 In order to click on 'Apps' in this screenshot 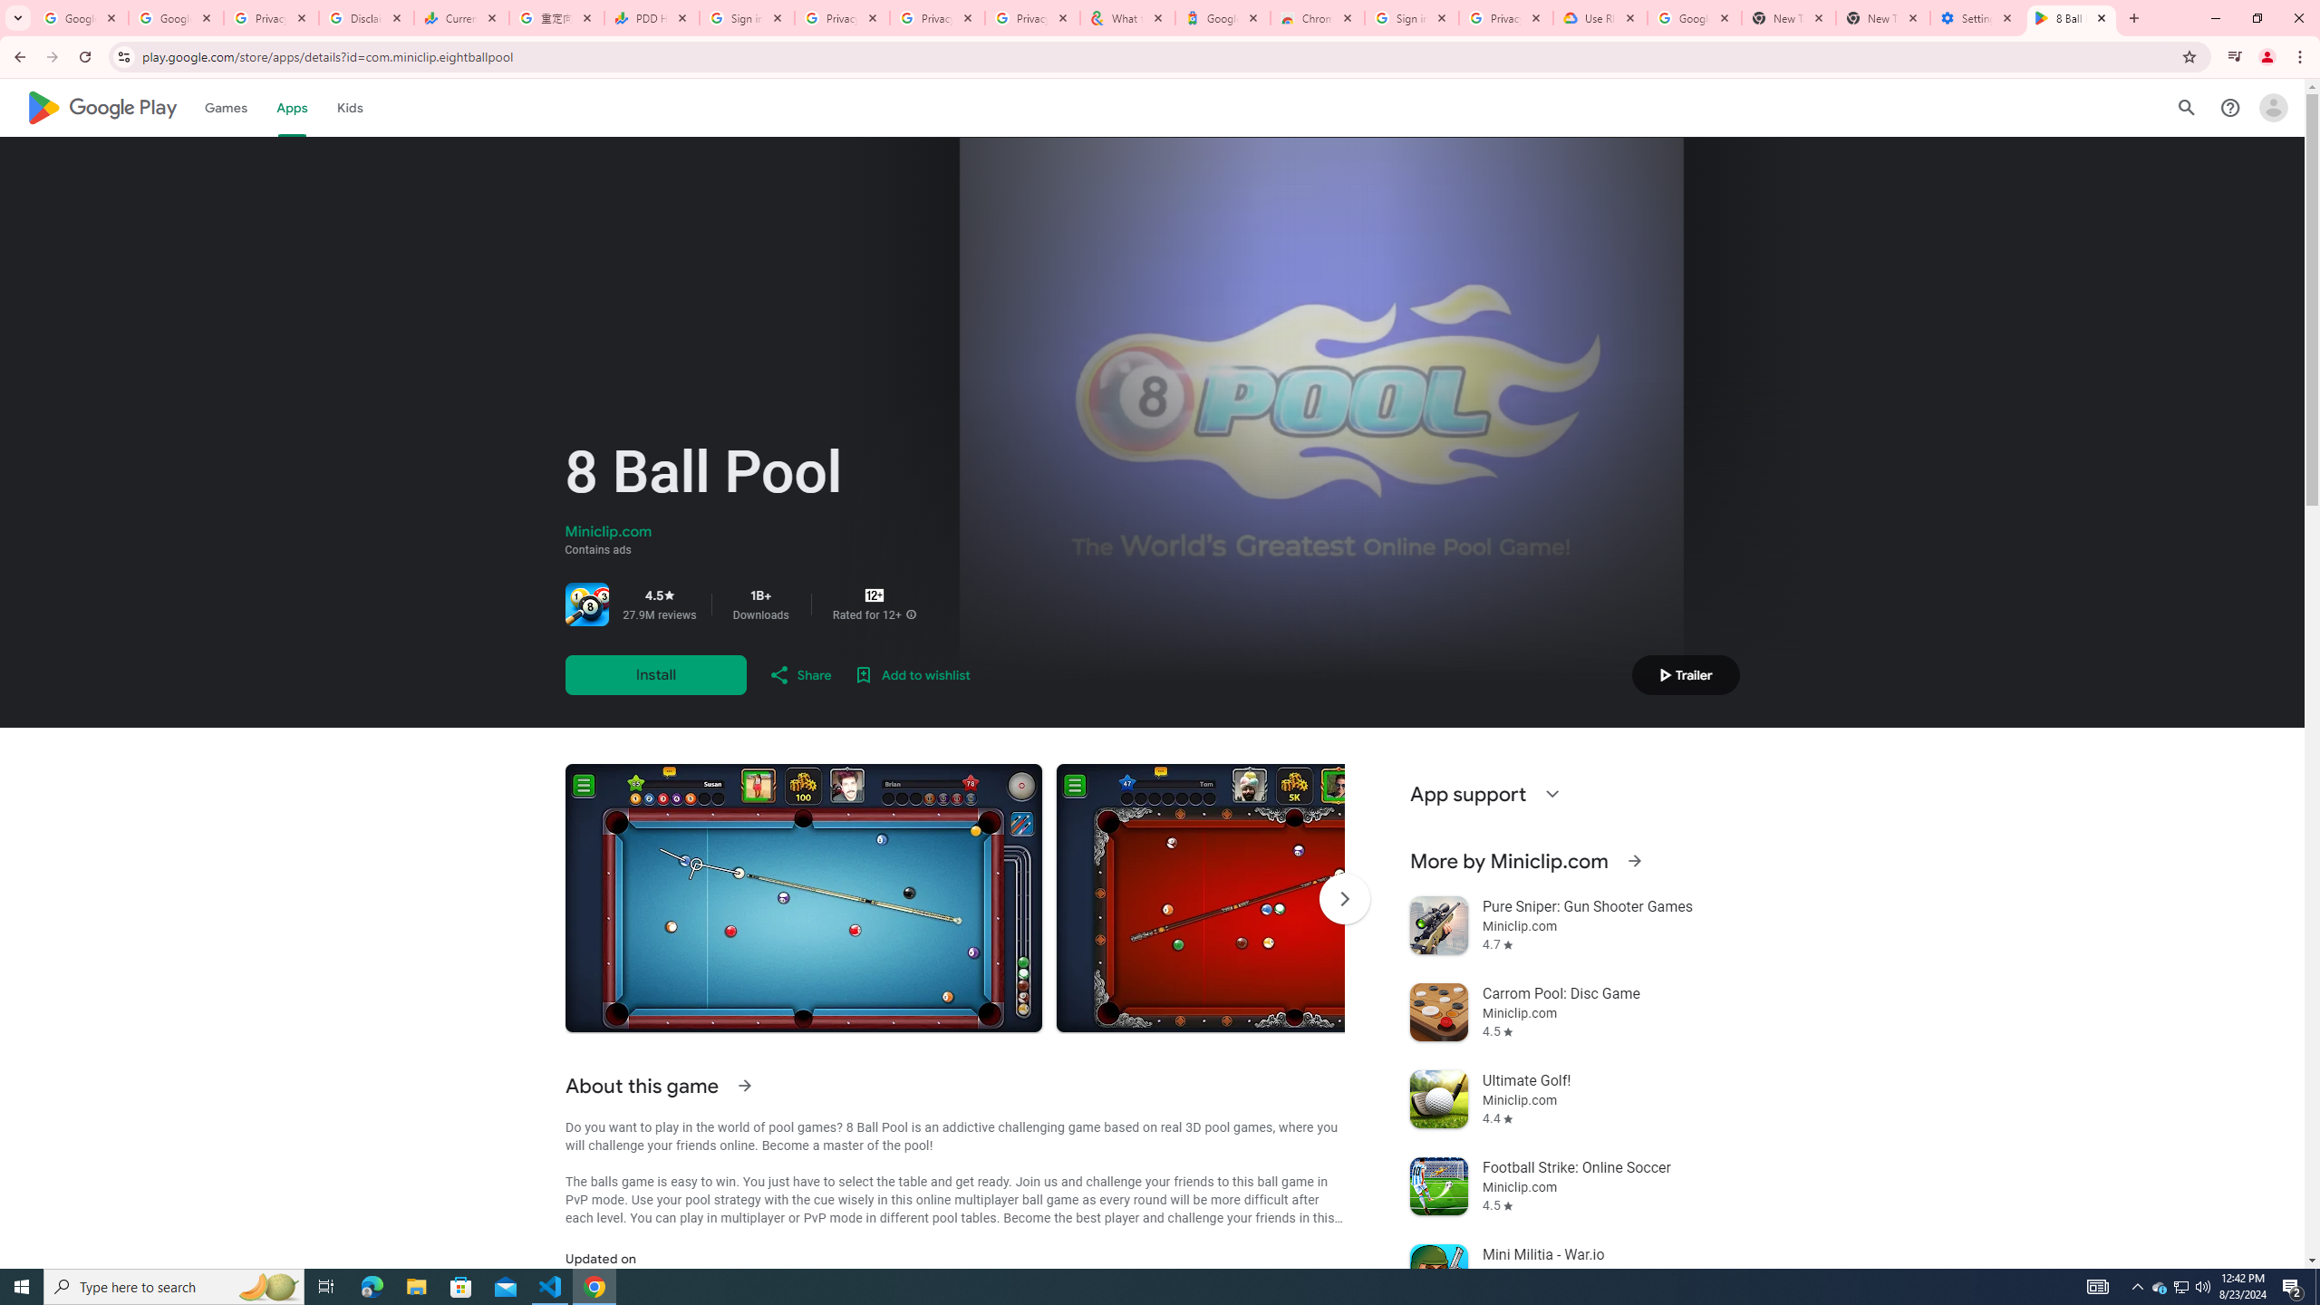, I will do `click(291, 107)`.